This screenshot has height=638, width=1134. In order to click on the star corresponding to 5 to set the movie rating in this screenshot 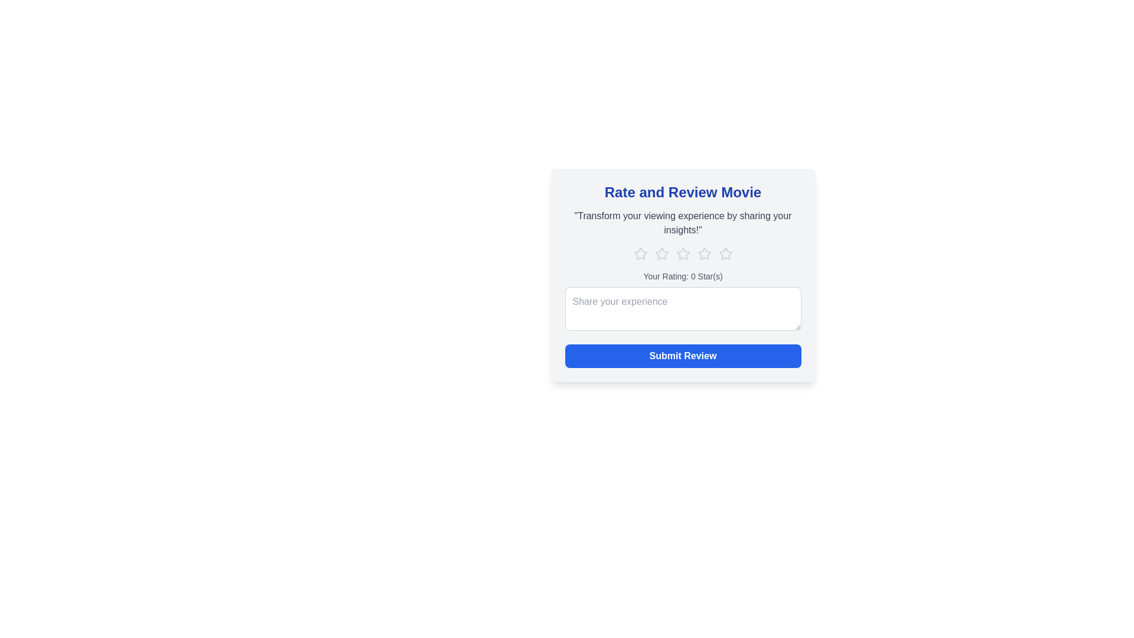, I will do `click(725, 253)`.